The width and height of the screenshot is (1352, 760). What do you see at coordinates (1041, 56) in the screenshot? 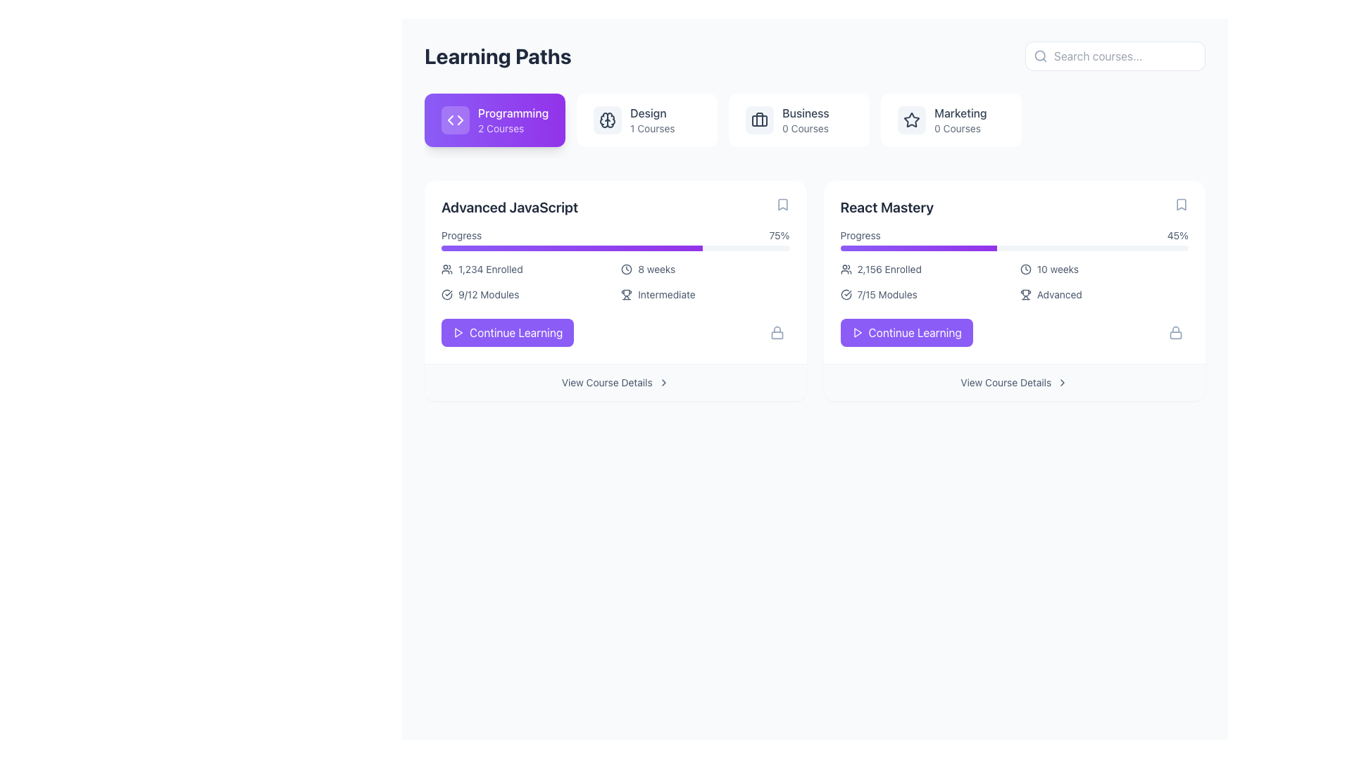
I see `the magnifying glass icon located on the left side of the search input field labeled 'Search courses...'` at bounding box center [1041, 56].